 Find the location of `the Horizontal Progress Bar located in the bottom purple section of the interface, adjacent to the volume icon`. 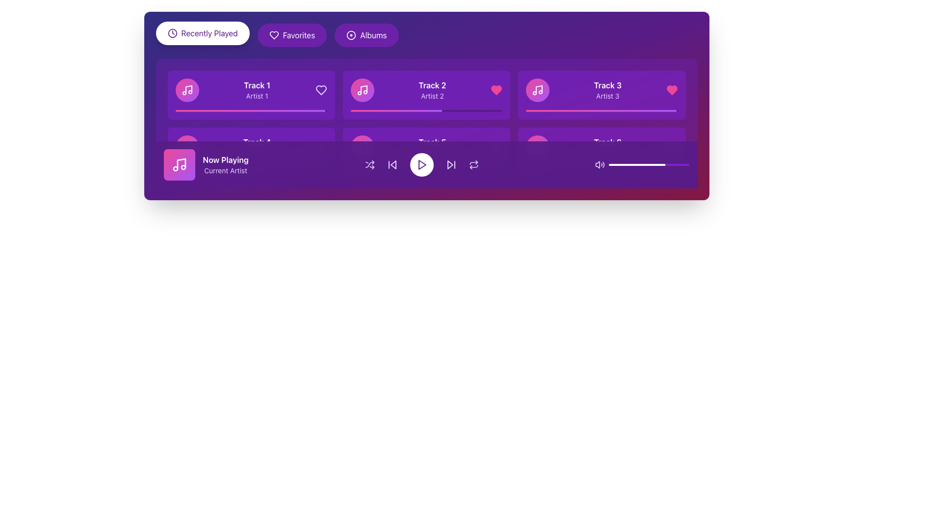

the Horizontal Progress Bar located in the bottom purple section of the interface, adjacent to the volume icon is located at coordinates (649, 164).